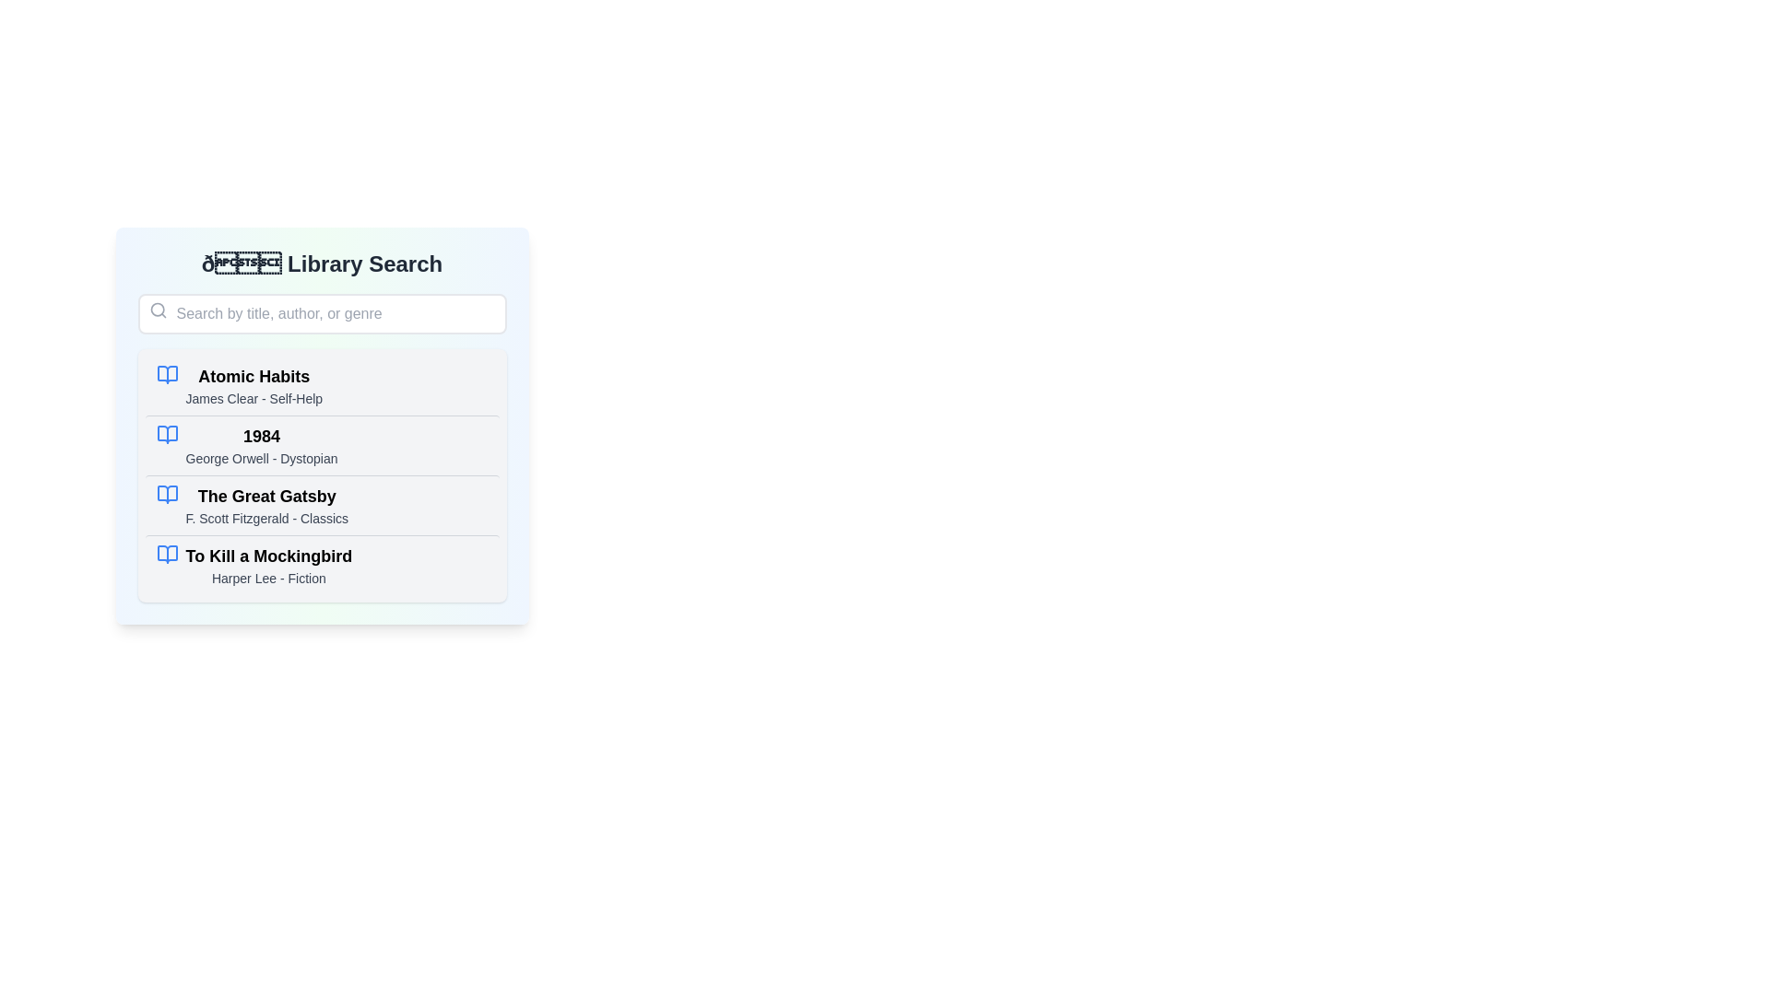 The height and width of the screenshot is (995, 1770). Describe the element at coordinates (167, 553) in the screenshot. I see `the visual appearance of the blue-colored book-shaped icon at the beginning of the 'To Kill a Mockingbird - Harper Lee - Fiction' list item` at that location.